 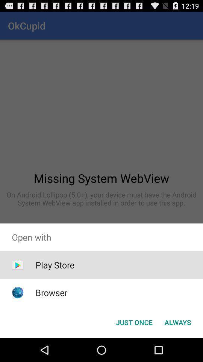 What do you see at coordinates (134, 322) in the screenshot?
I see `icon at the bottom` at bounding box center [134, 322].